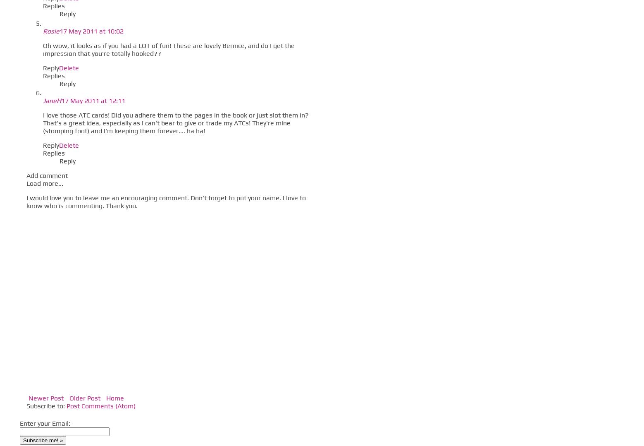 This screenshot has height=446, width=644. I want to click on 'I love those ATC cards! Did you adhere them to the pages in the book or just slot them in? That's a great idea, especially as I can't bear to give or trade my ATCs! They're mine (stomping foot) and I'm keeping them forever.... ha ha!', so click(43, 122).